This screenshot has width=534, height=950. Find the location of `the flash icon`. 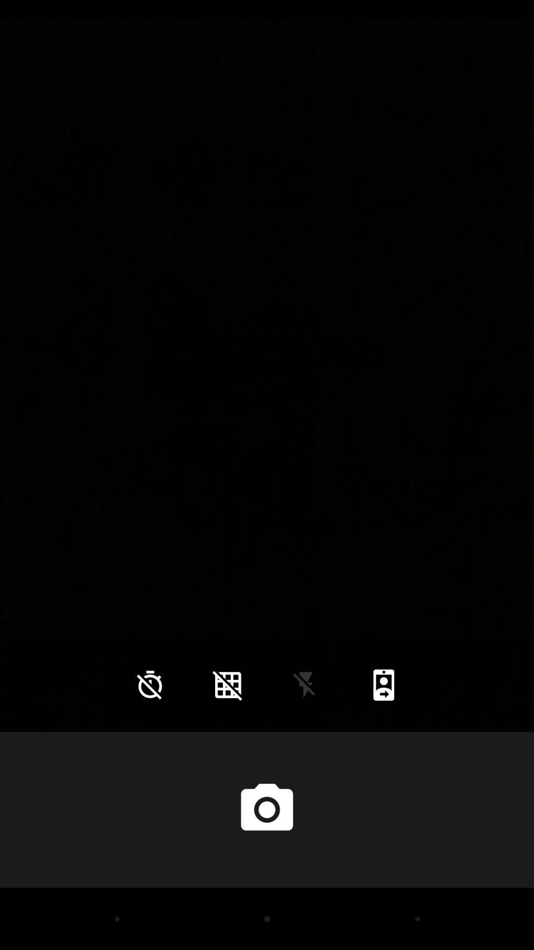

the flash icon is located at coordinates (305, 684).